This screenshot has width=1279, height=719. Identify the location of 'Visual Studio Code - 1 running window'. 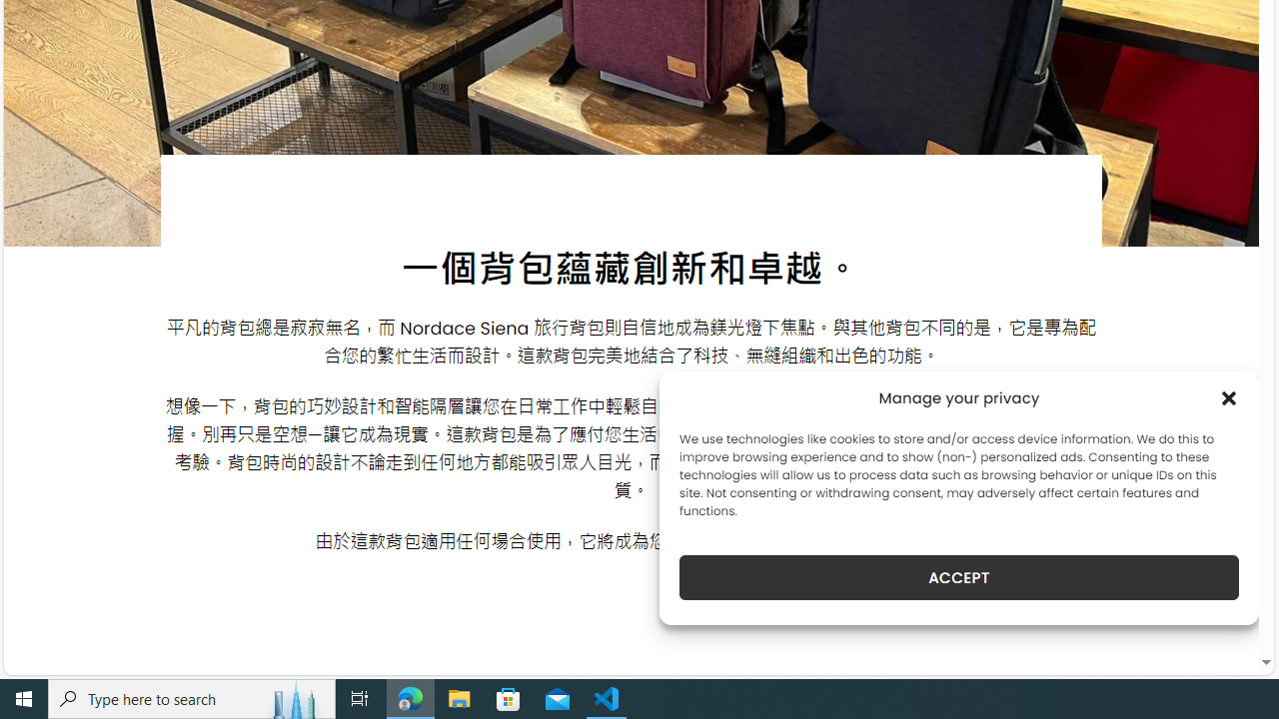
(606, 697).